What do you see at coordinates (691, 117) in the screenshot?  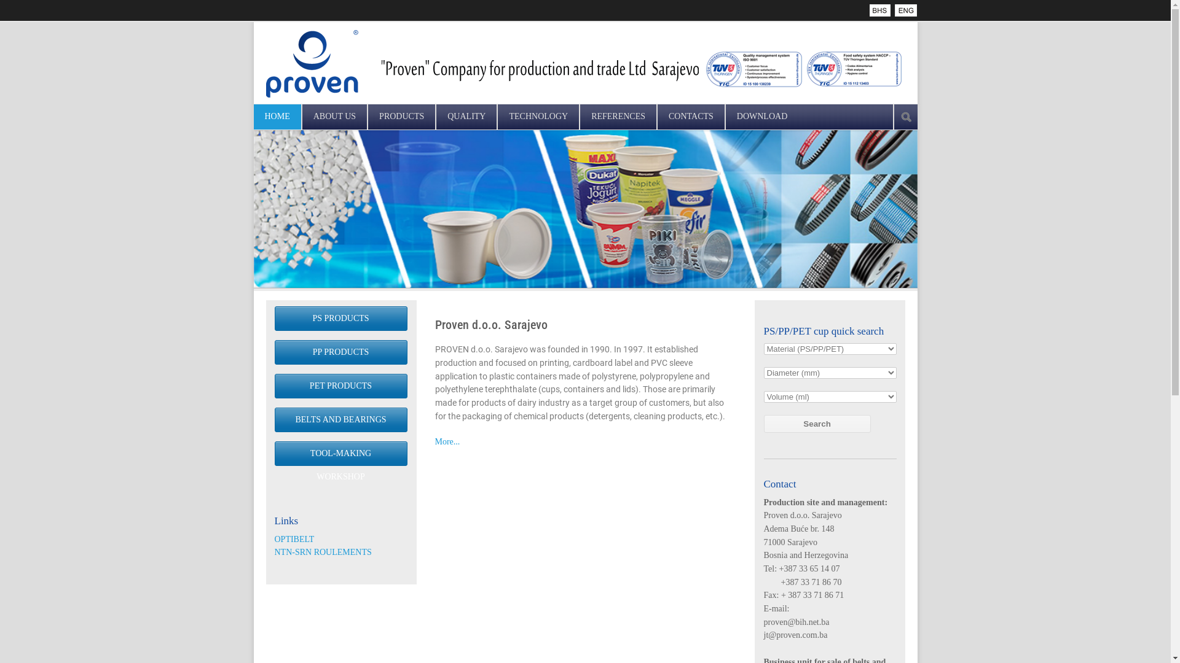 I see `'CONTACTS'` at bounding box center [691, 117].